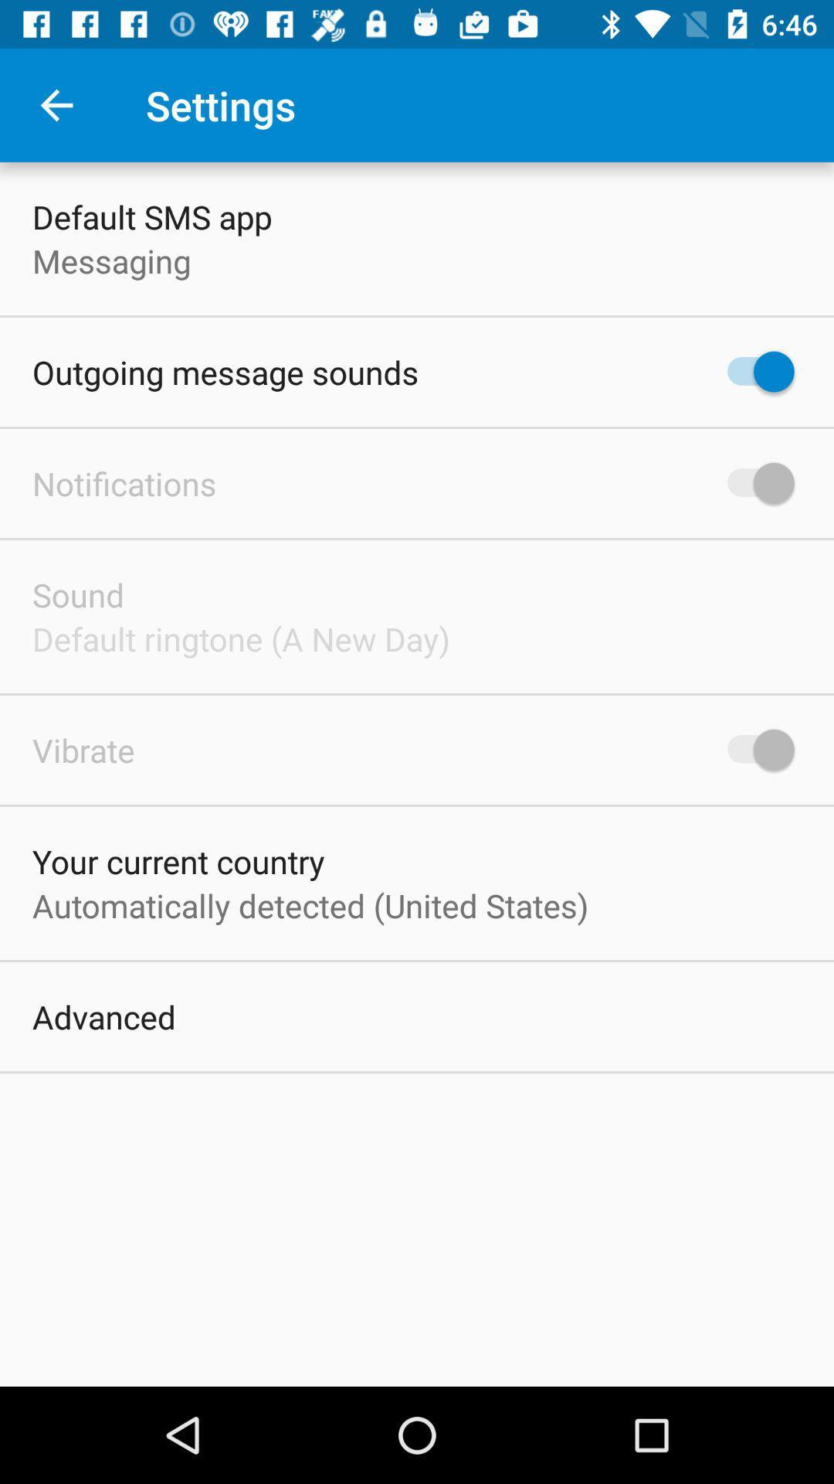  I want to click on the item below vibrate icon, so click(178, 860).